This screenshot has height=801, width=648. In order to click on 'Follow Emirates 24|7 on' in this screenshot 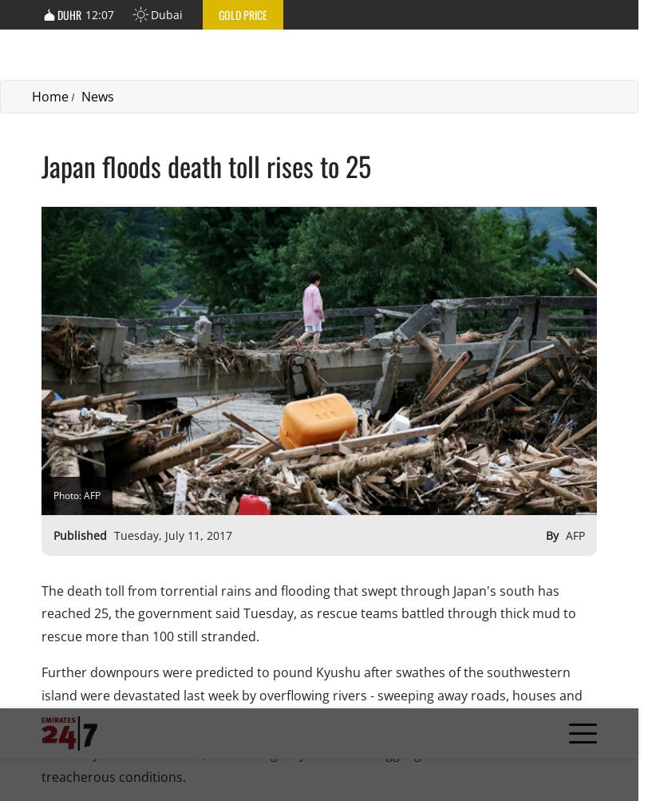, I will do `click(245, 552)`.